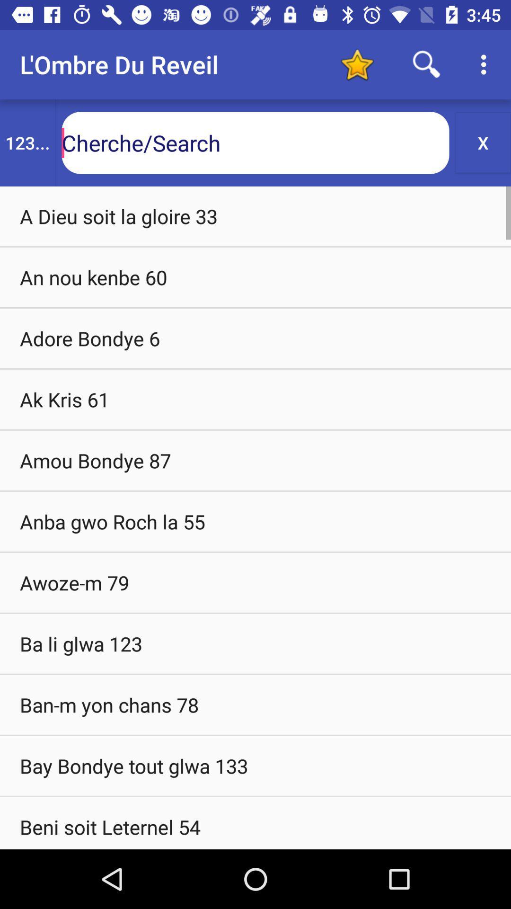  I want to click on amou bondye 87 icon, so click(255, 460).